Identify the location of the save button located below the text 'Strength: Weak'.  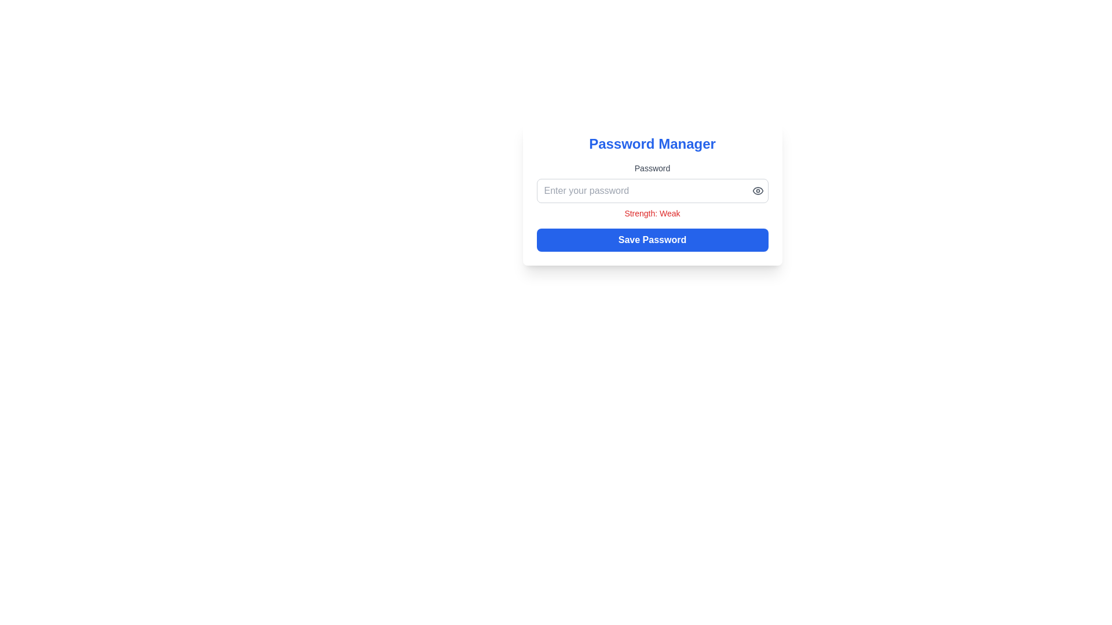
(652, 240).